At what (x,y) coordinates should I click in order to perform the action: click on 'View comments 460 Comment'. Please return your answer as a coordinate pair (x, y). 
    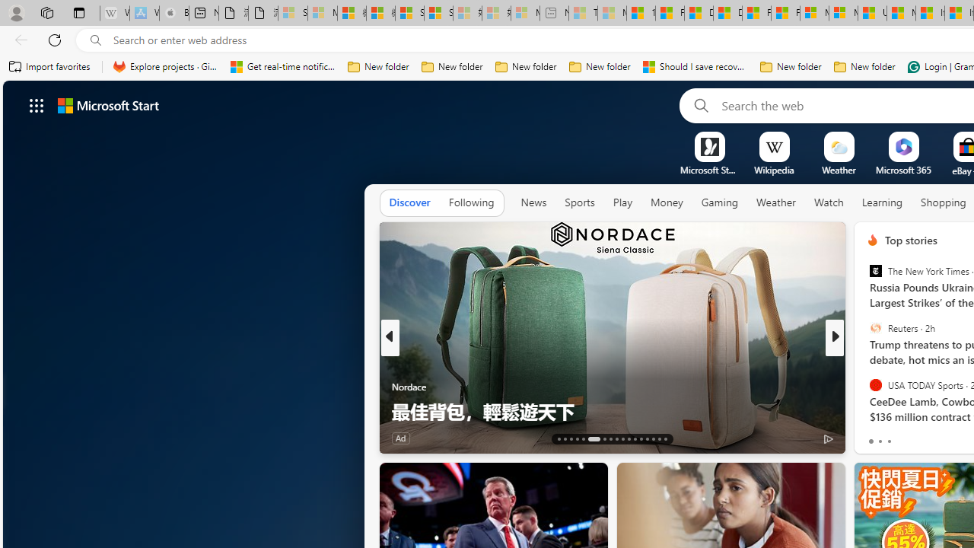
    Looking at the image, I should click on (939, 438).